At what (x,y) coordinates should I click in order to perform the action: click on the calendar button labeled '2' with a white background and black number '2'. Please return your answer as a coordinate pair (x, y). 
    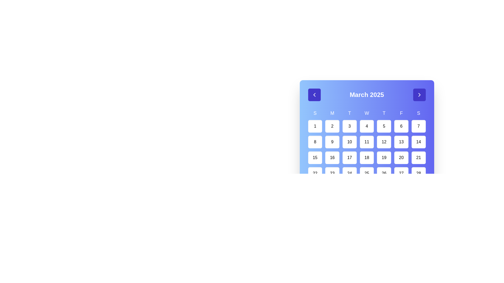
    Looking at the image, I should click on (332, 126).